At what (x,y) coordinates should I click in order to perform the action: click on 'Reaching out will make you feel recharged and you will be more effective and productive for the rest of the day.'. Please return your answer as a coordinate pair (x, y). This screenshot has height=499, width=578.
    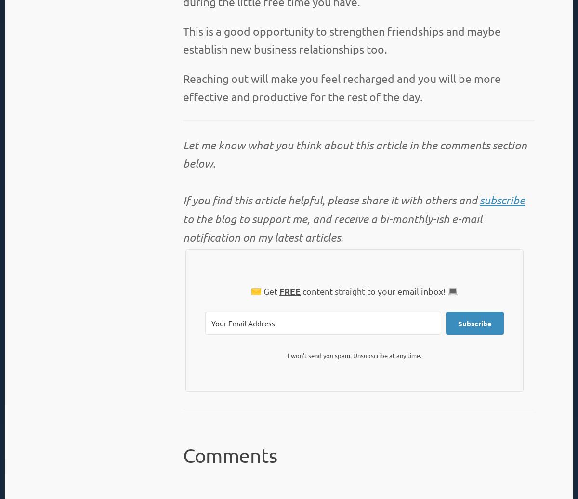
    Looking at the image, I should click on (183, 87).